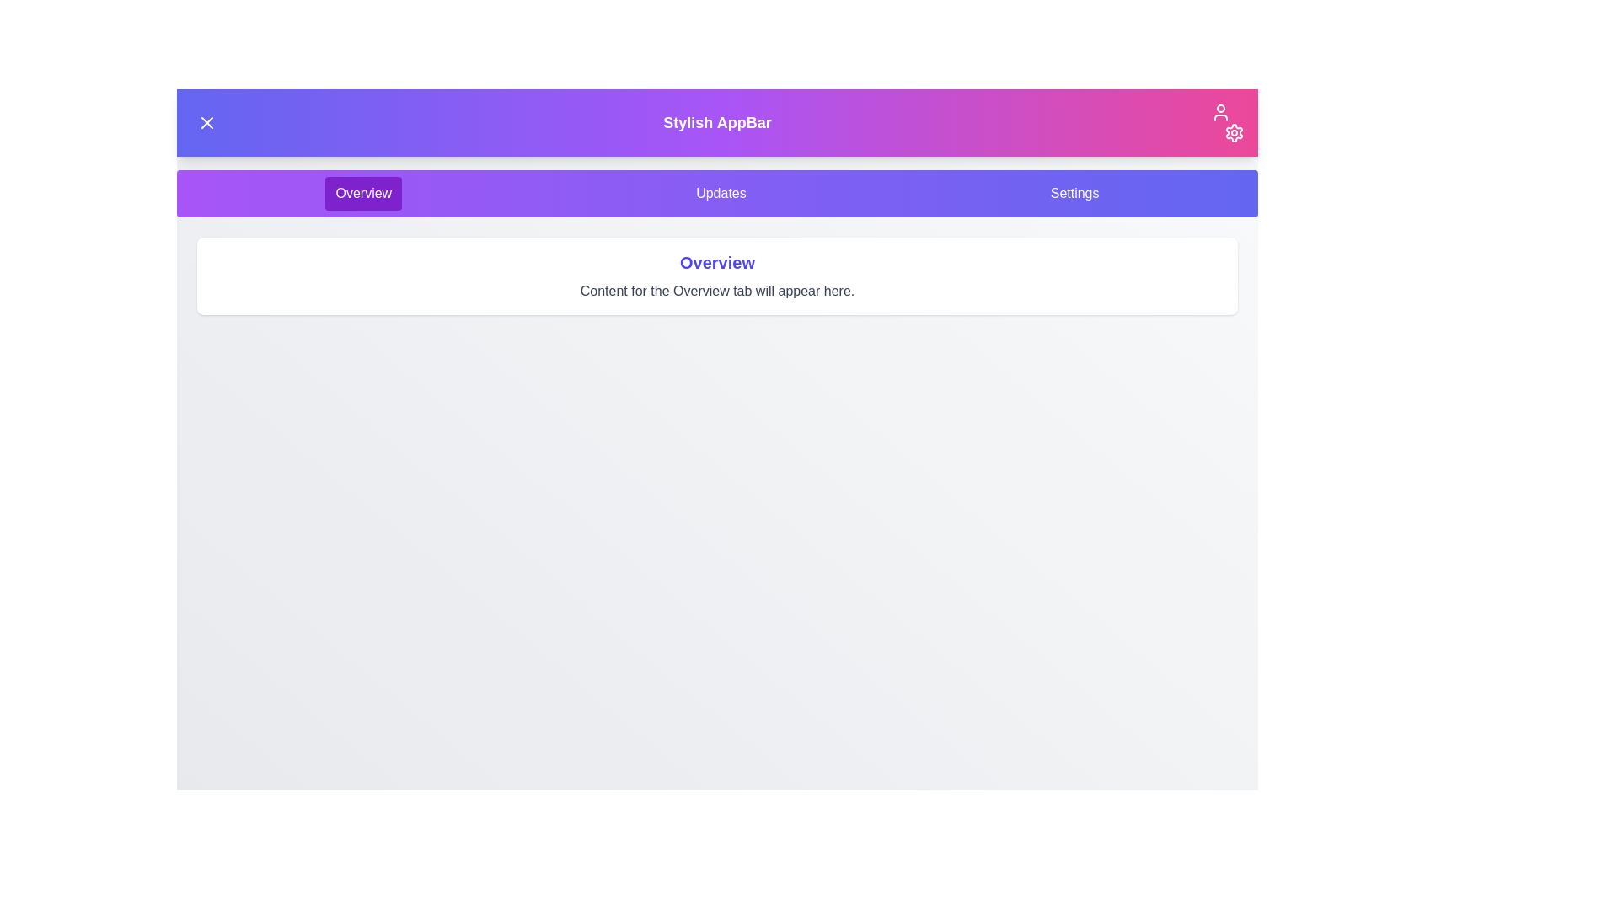 This screenshot has height=910, width=1618. What do you see at coordinates (720, 193) in the screenshot?
I see `the Updates tab by clicking on it` at bounding box center [720, 193].